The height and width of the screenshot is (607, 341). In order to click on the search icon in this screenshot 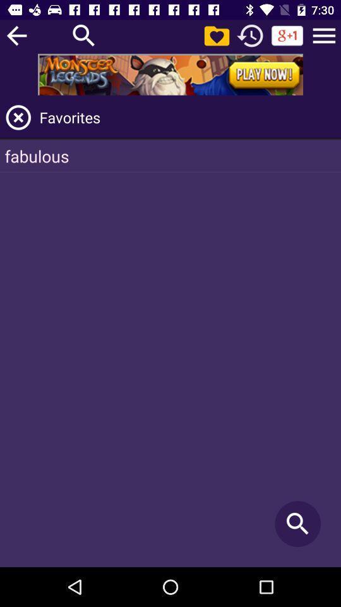, I will do `click(84, 35)`.